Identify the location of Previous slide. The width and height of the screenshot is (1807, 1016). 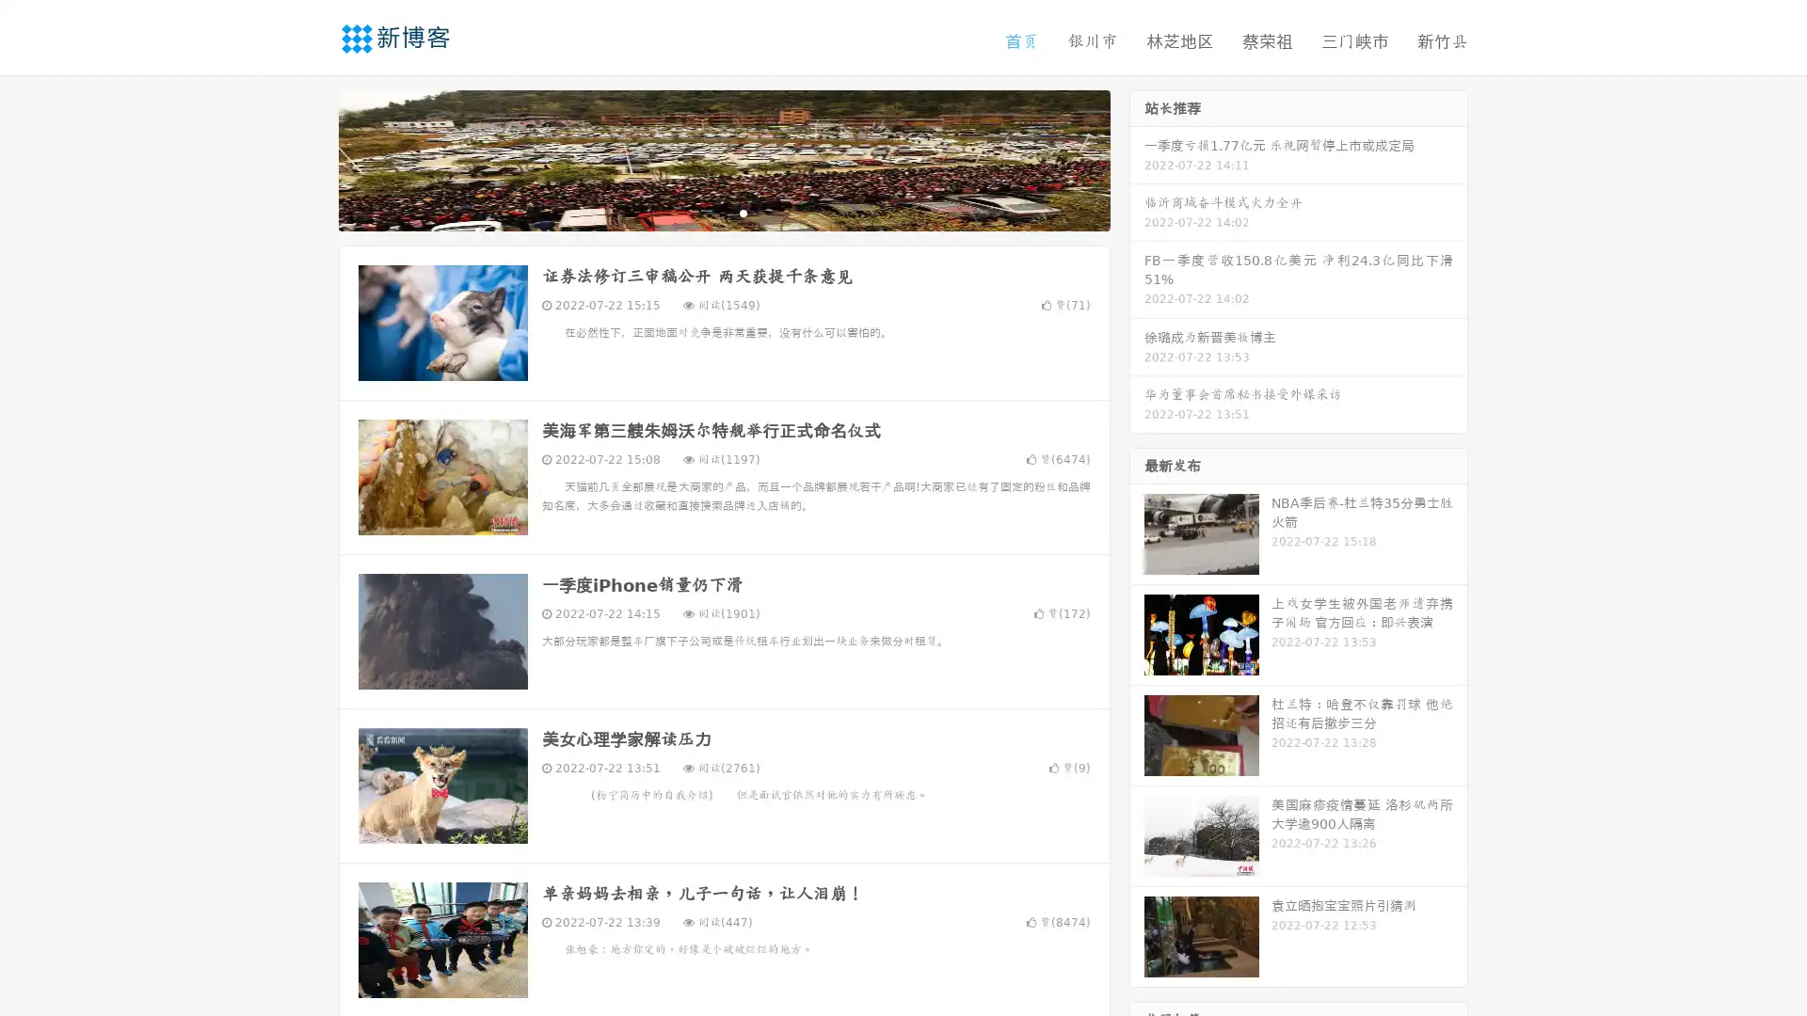
(311, 158).